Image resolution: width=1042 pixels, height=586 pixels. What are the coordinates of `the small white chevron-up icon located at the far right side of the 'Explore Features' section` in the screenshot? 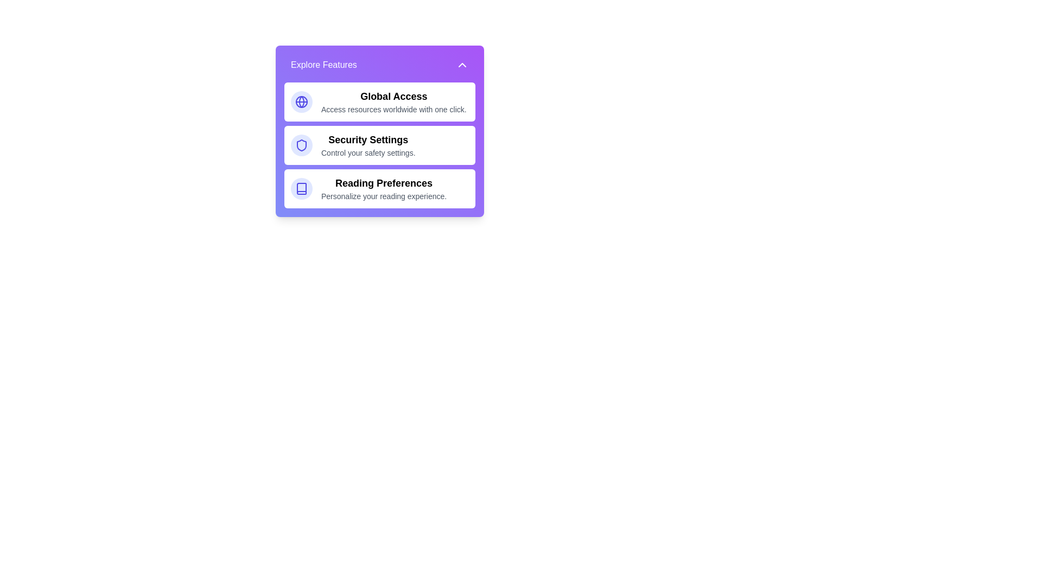 It's located at (462, 65).